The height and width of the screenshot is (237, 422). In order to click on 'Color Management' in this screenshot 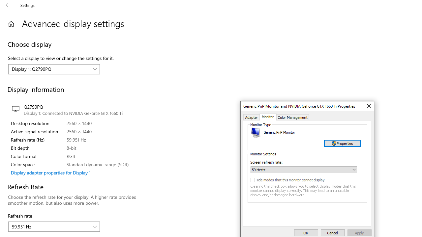, I will do `click(292, 117)`.